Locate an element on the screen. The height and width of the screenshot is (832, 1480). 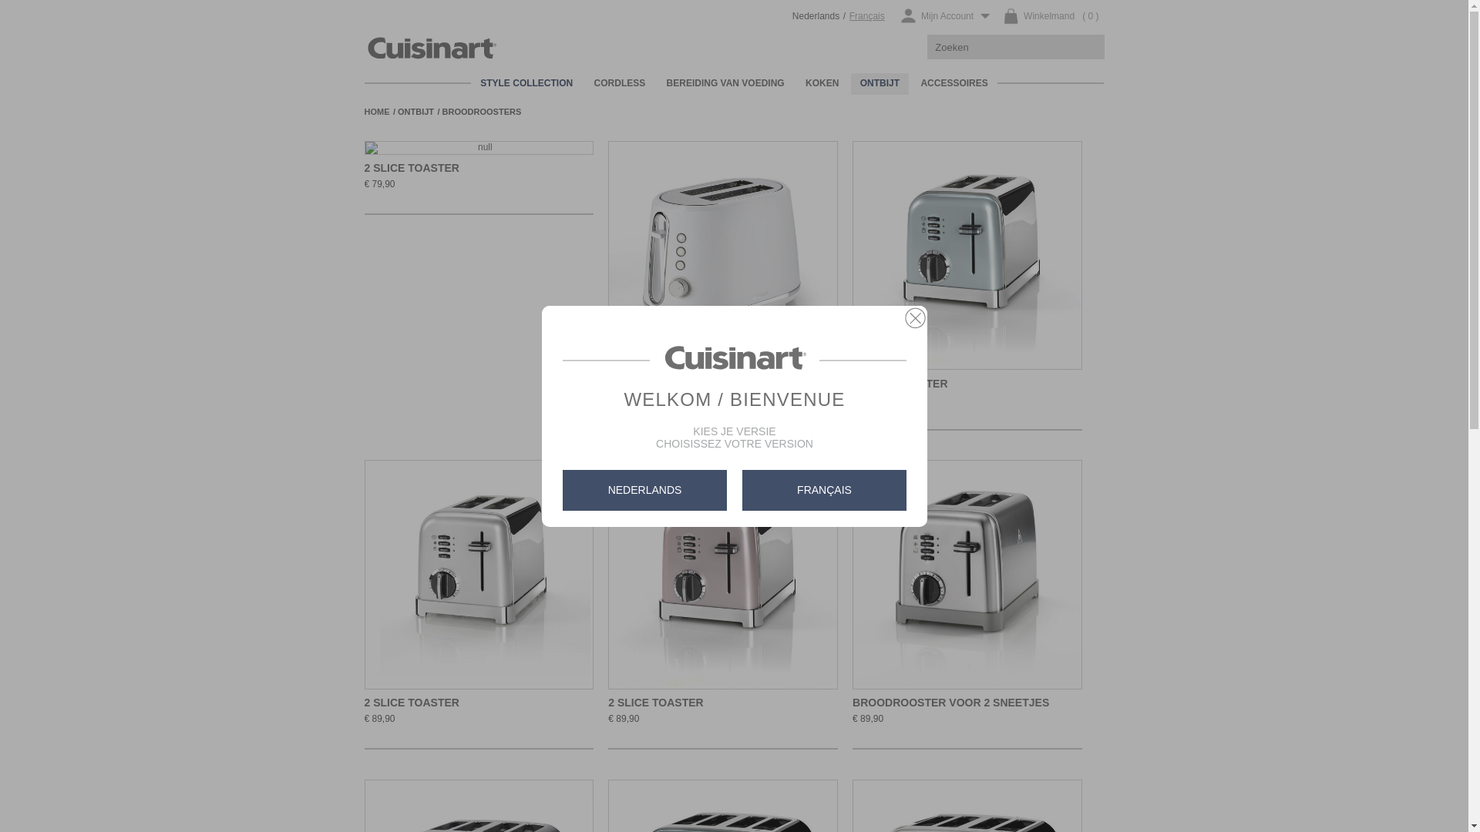
'ACCESSOIRES' is located at coordinates (910, 83).